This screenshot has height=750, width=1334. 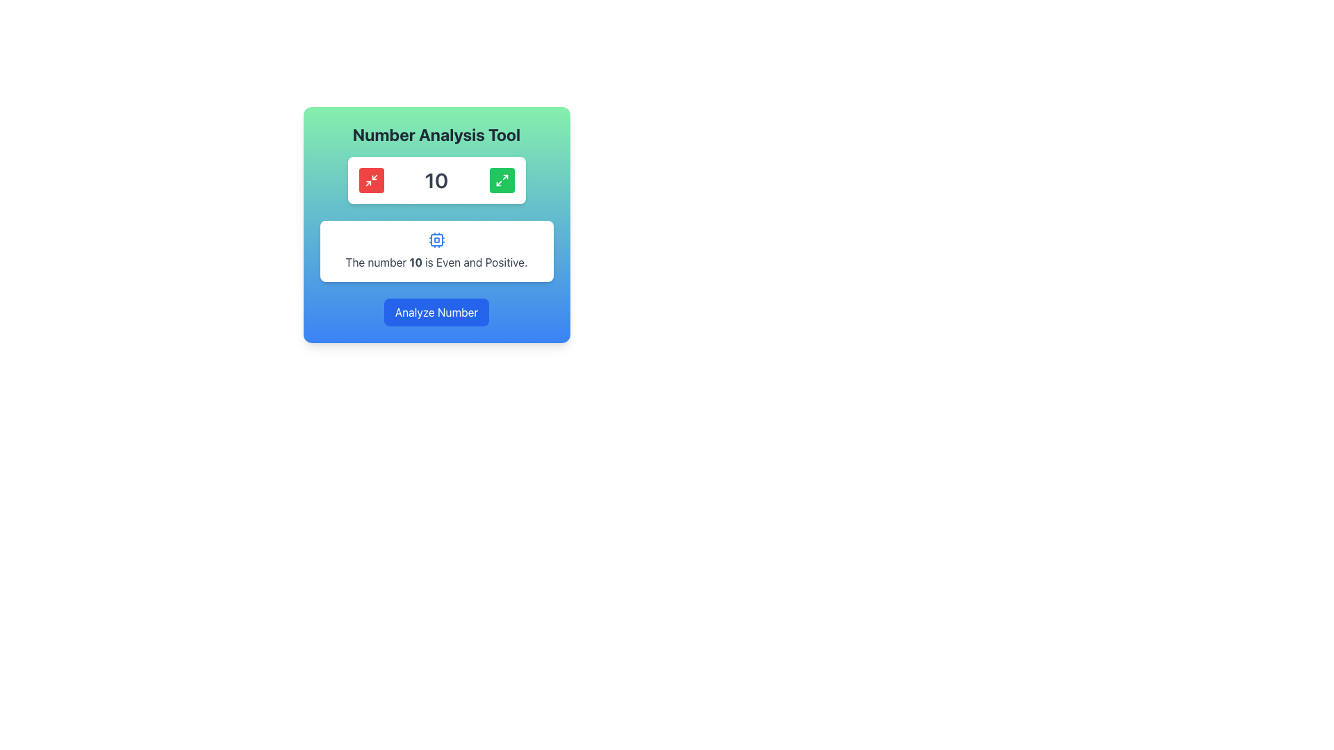 What do you see at coordinates (436, 179) in the screenshot?
I see `the central text label that presents a numeric value, located between a red-themed button on the left and a green-themed button on the right` at bounding box center [436, 179].